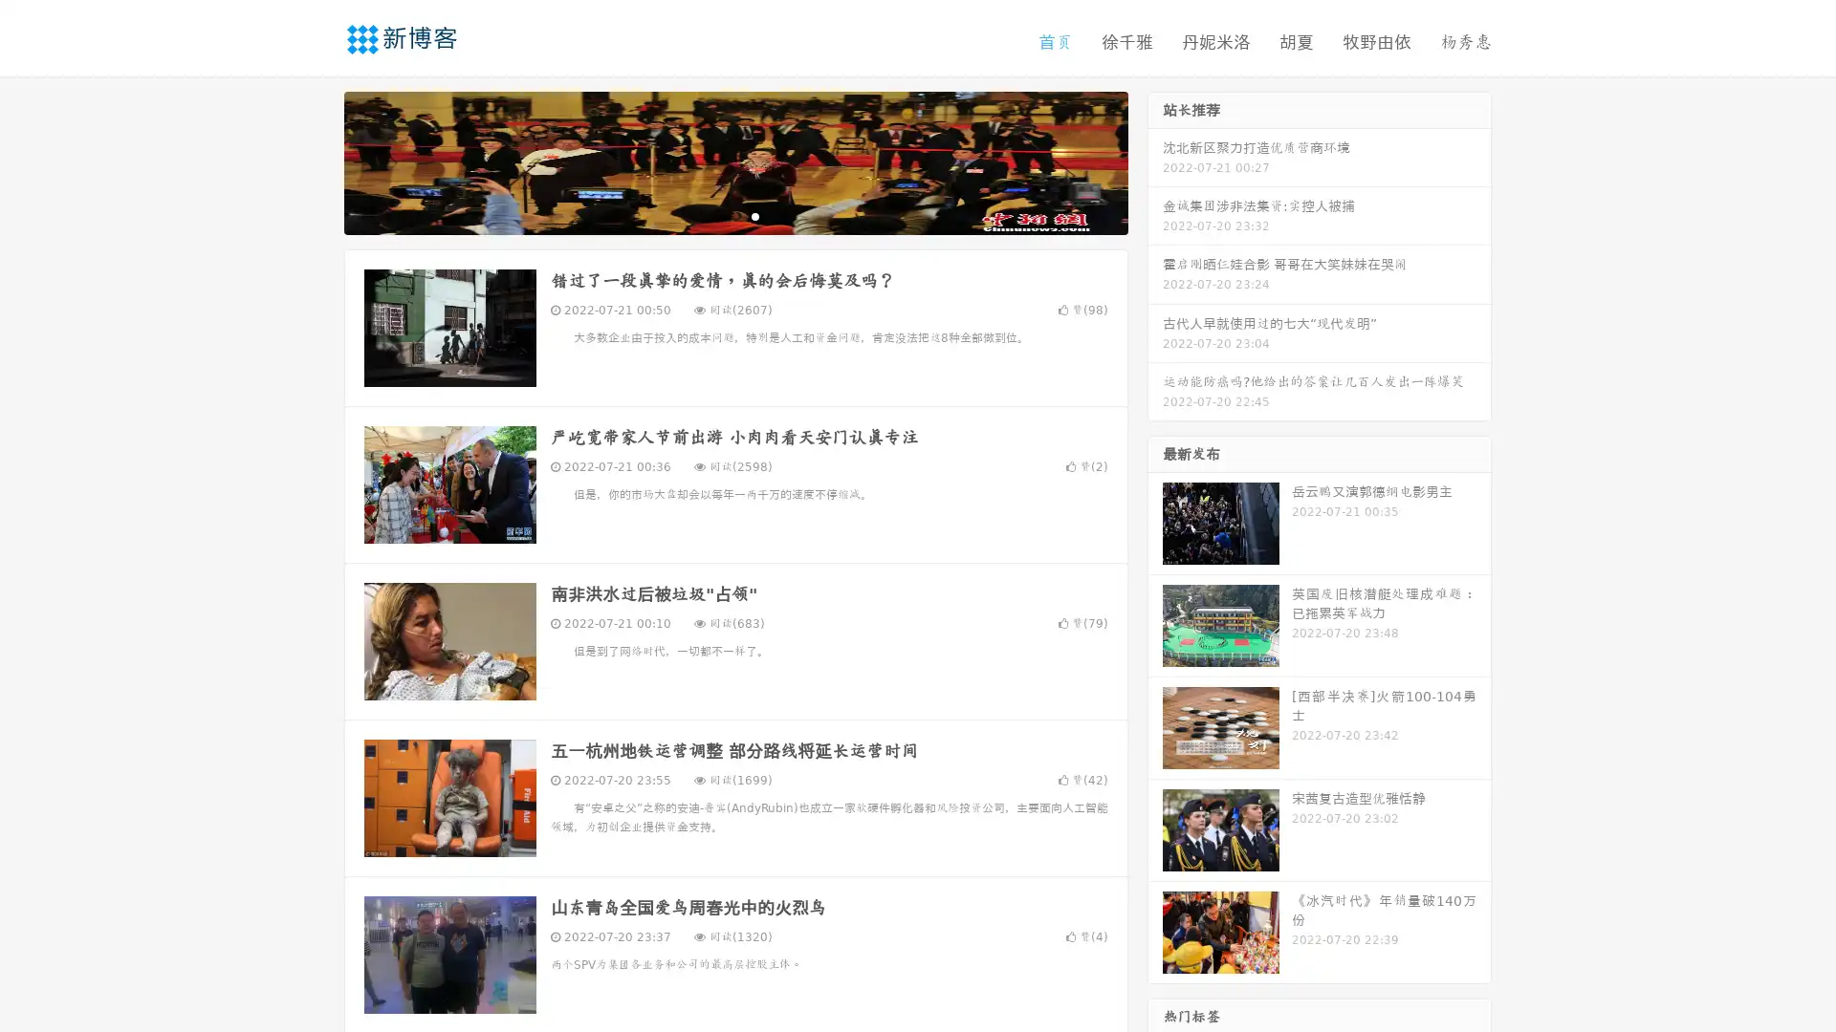 The width and height of the screenshot is (1836, 1032). I want to click on Go to slide 1, so click(715, 215).